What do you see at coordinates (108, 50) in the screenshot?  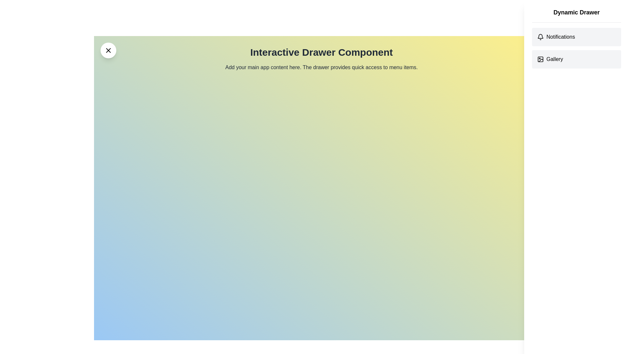 I see `the diagonal cross icon styled as an 'X' within the circular area in the header of the interactive drawer component` at bounding box center [108, 50].